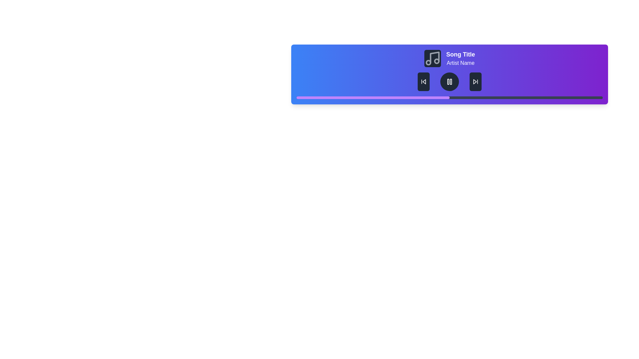  Describe the element at coordinates (449, 58) in the screenshot. I see `the displayed information in the Text Label that shows the currently playing track's name and artist, located above the playback controls` at that location.